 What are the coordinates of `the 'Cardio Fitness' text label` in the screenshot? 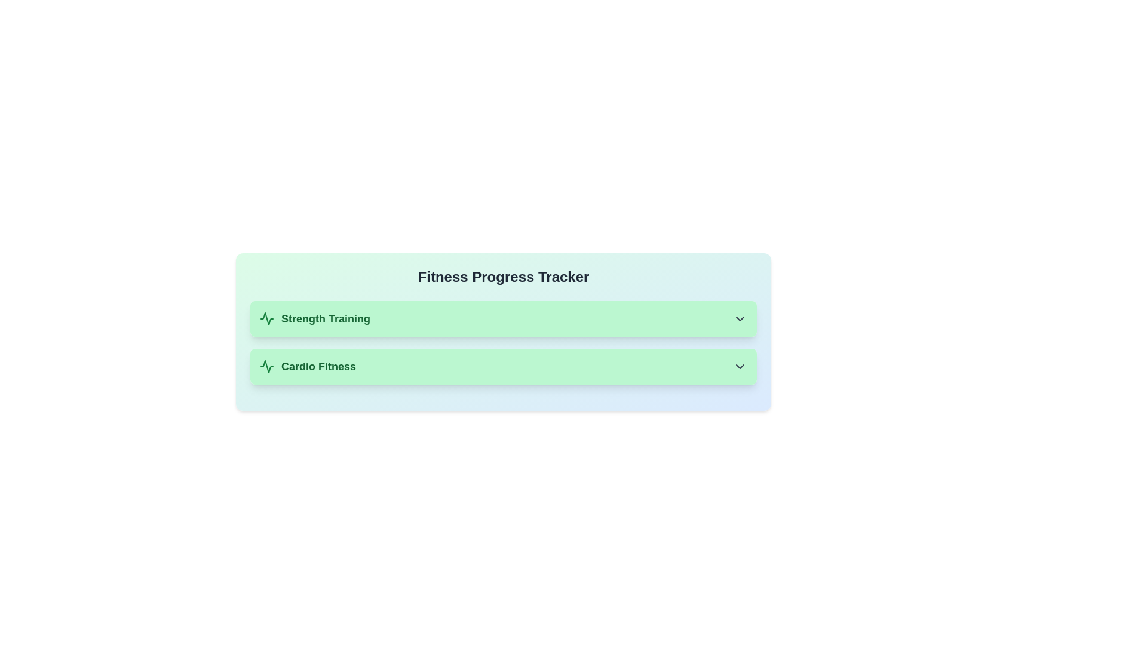 It's located at (318, 365).